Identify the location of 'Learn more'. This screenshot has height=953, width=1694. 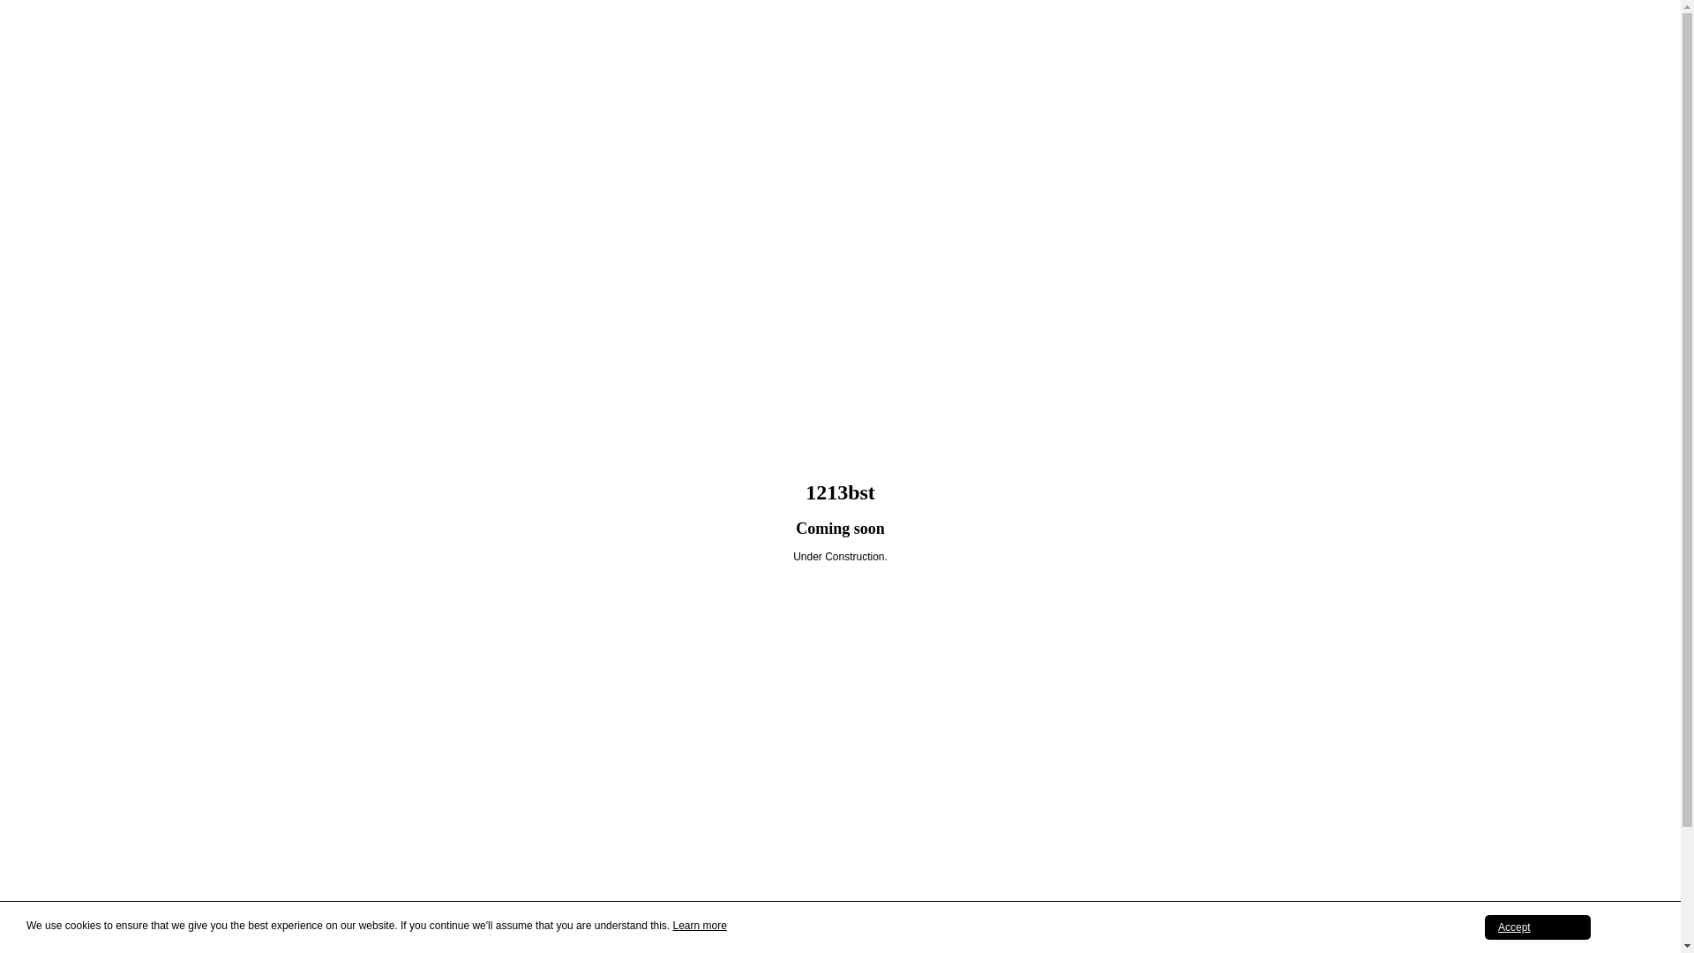
(698, 925).